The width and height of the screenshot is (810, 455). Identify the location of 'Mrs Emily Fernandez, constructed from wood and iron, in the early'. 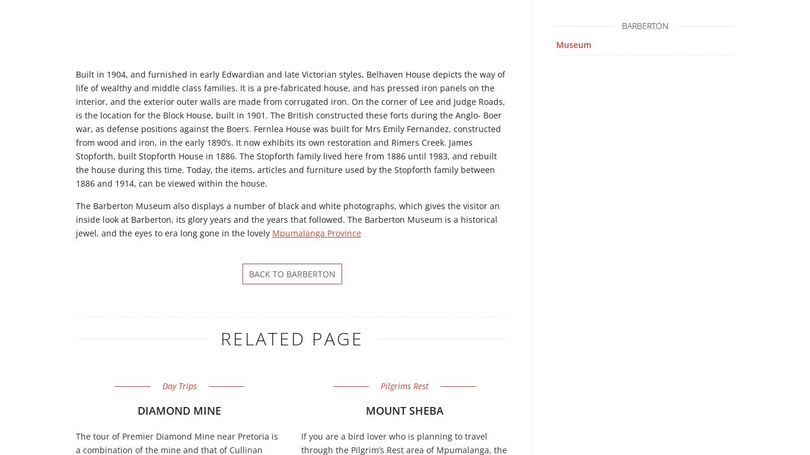
(288, 136).